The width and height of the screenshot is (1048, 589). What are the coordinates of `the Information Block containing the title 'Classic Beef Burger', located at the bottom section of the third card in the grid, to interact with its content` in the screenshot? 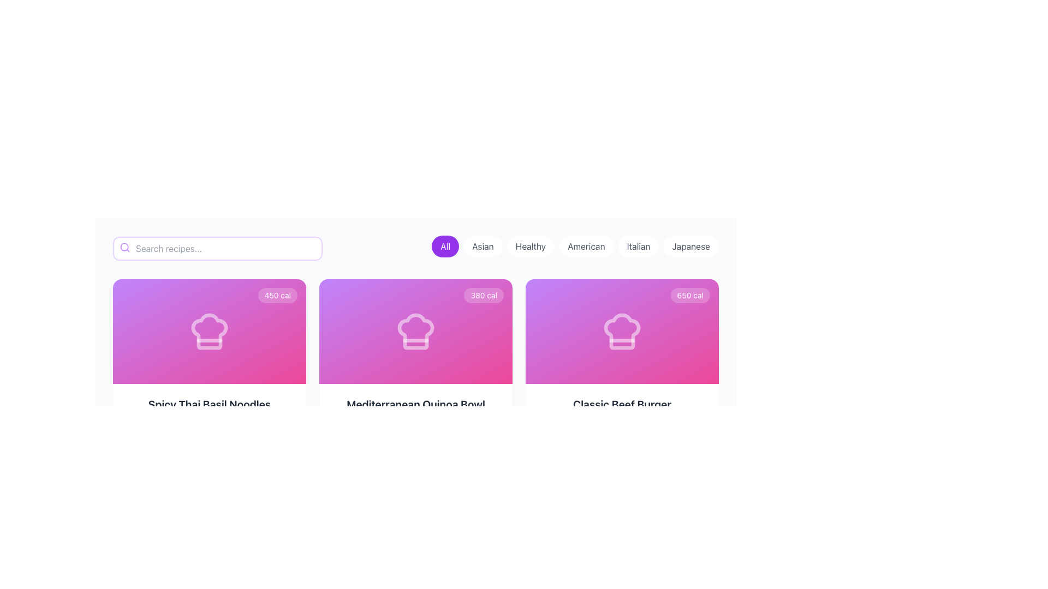 It's located at (622, 424).